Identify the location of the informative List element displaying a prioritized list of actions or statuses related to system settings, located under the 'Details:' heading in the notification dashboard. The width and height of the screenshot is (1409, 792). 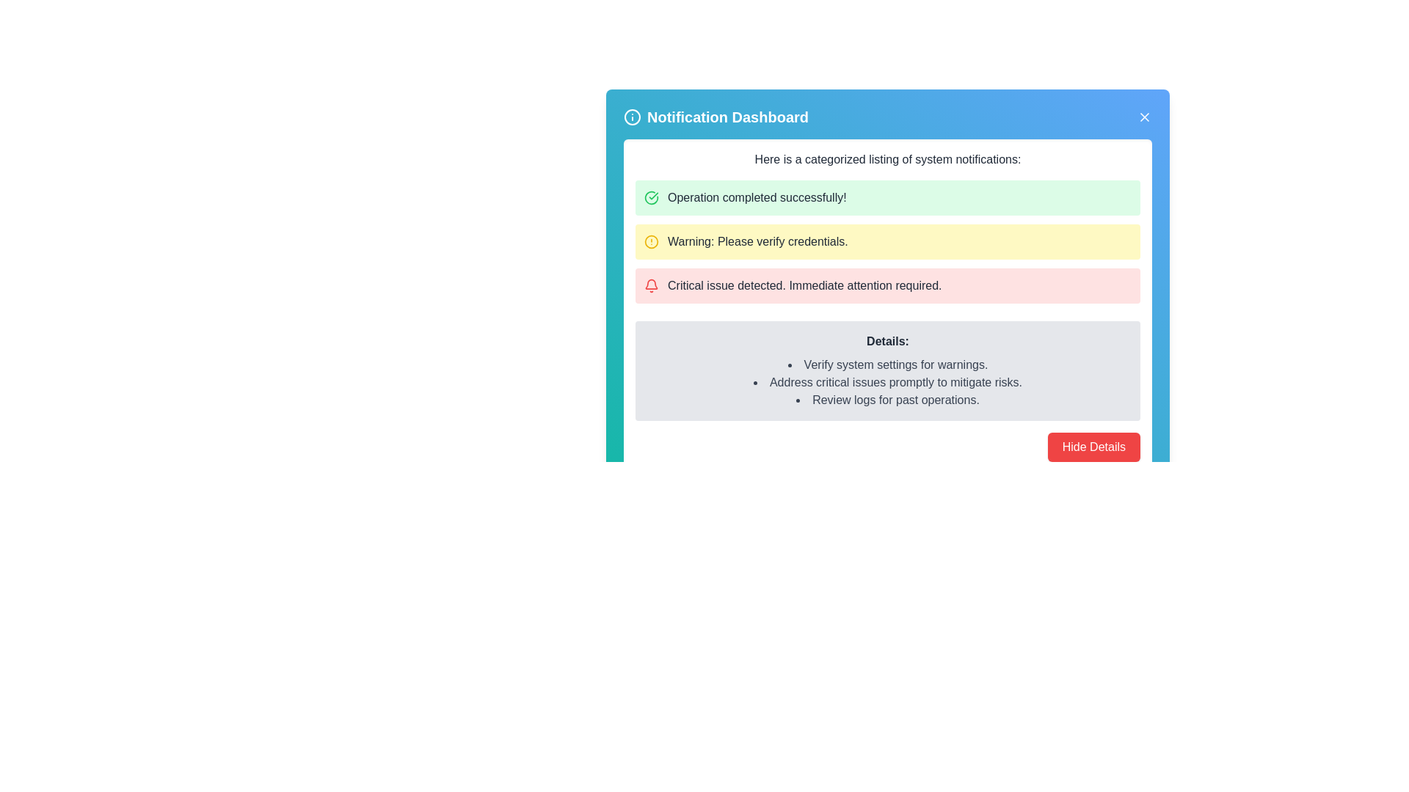
(886, 381).